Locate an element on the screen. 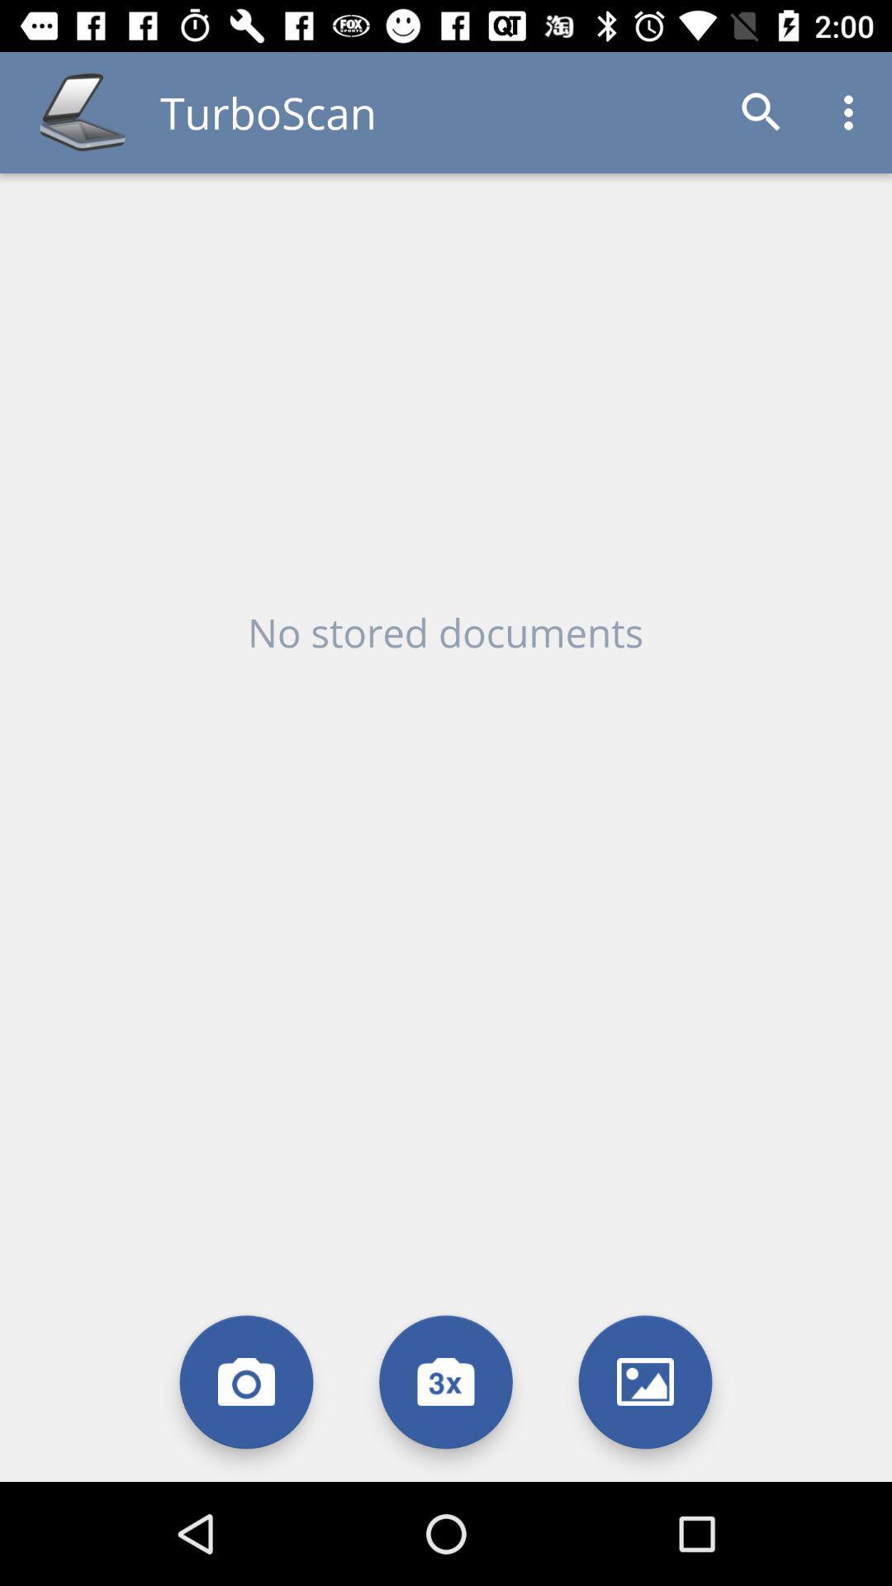 The width and height of the screenshot is (892, 1586). icon below the no stored documents is located at coordinates (644, 1382).